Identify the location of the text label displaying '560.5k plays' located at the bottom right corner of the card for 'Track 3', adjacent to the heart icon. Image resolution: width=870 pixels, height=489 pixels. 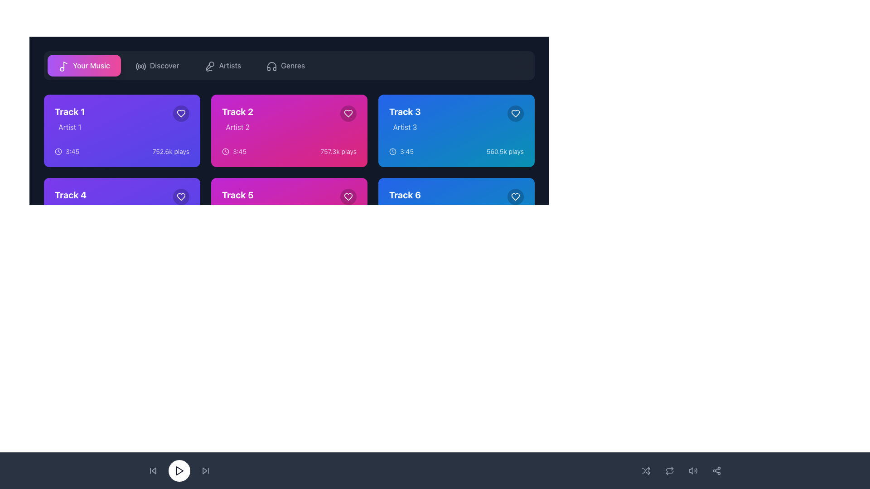
(504, 151).